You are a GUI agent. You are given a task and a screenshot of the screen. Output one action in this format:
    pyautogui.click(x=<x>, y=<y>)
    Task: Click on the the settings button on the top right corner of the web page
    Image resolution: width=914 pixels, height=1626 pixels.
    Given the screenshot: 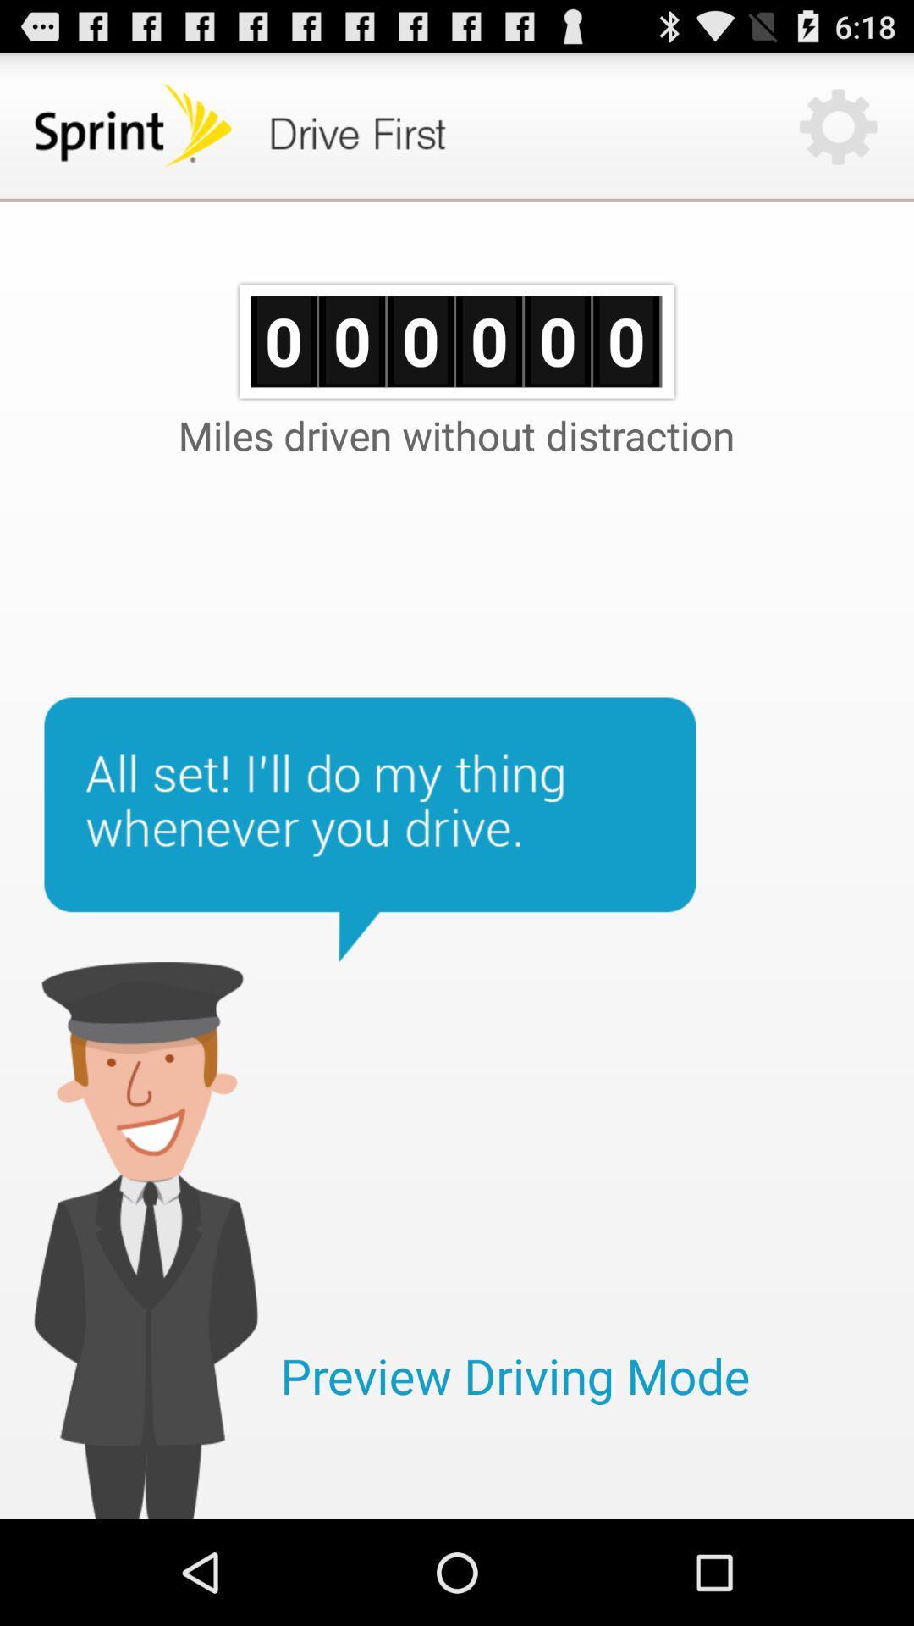 What is the action you would take?
    pyautogui.click(x=839, y=125)
    